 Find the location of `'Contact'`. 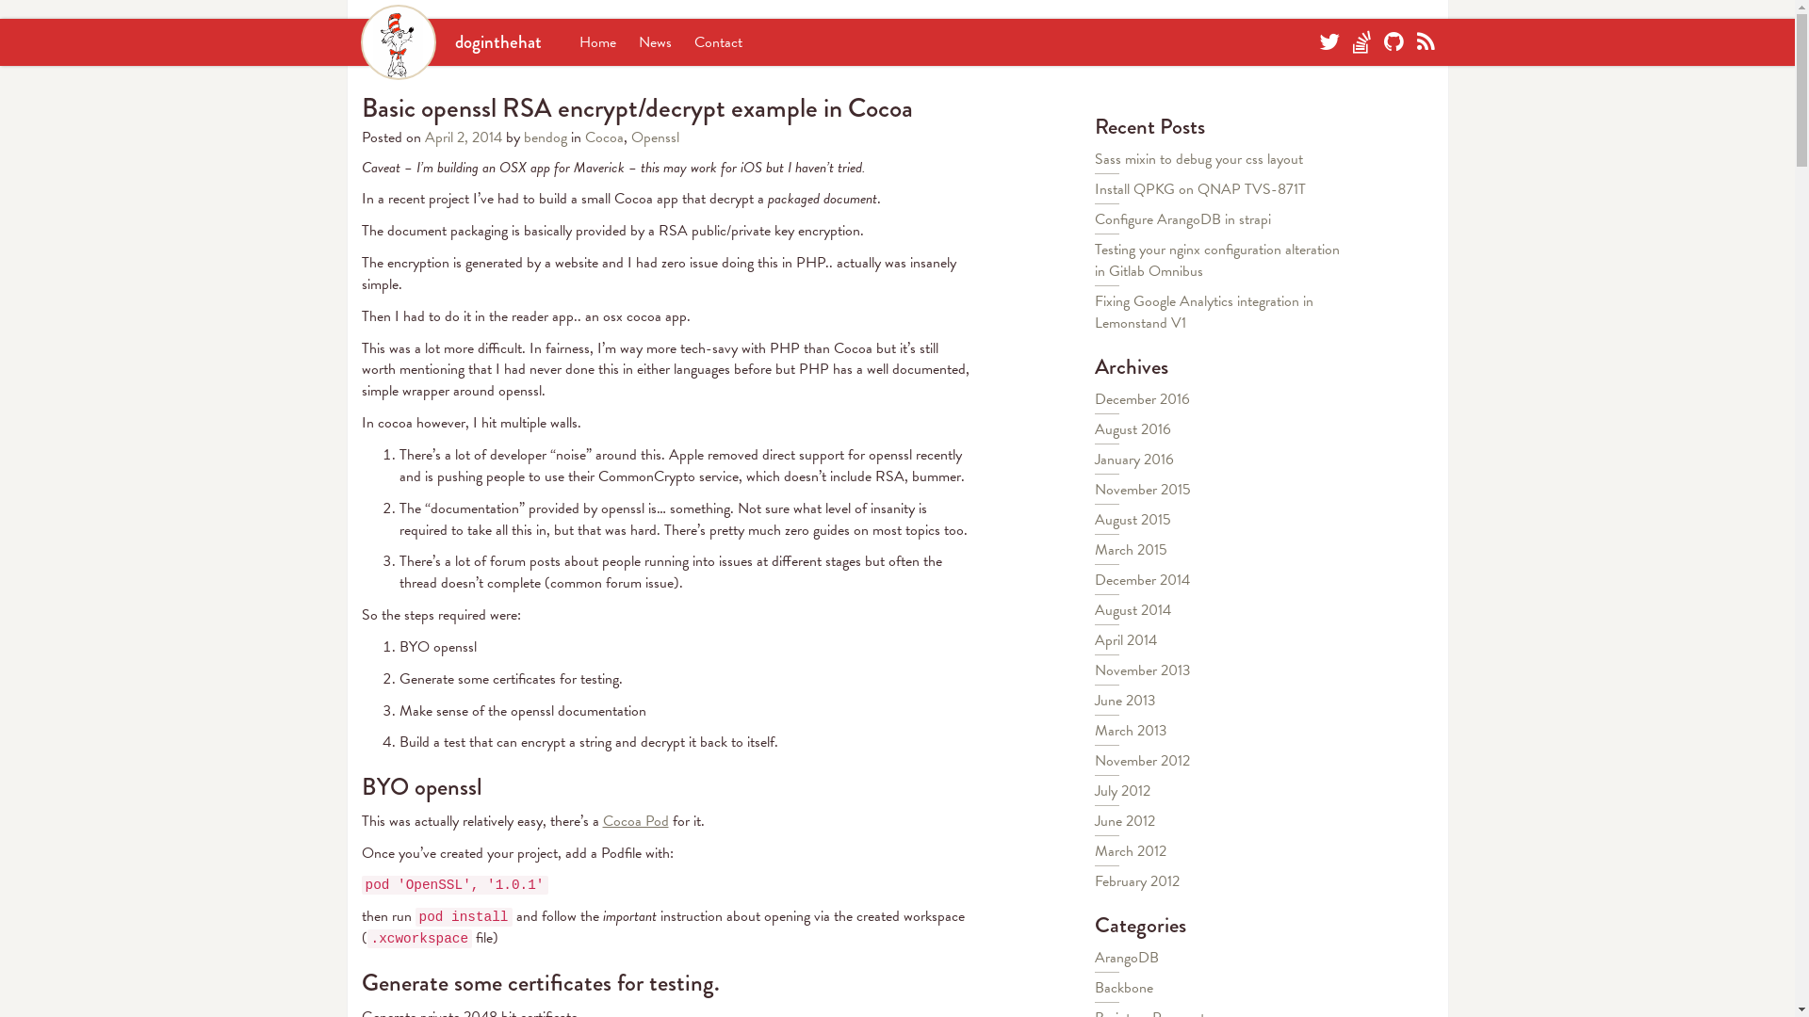

'Contact' is located at coordinates (716, 42).